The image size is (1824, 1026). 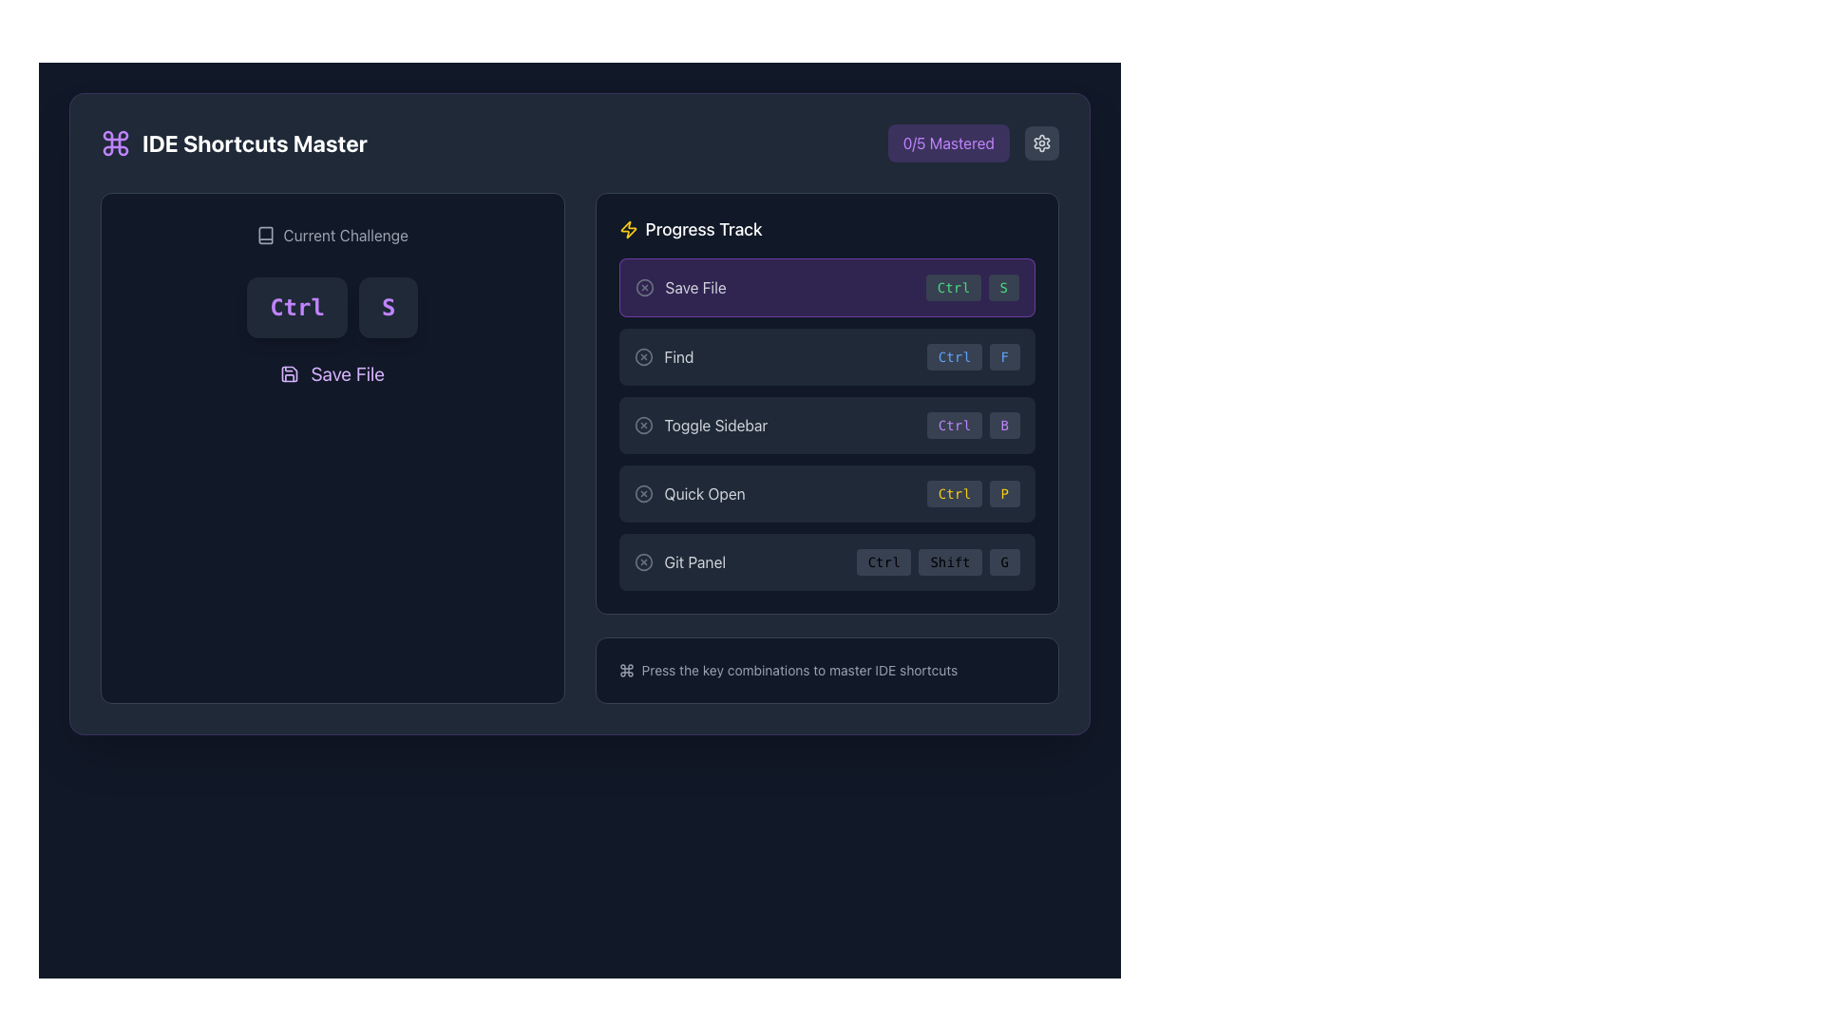 I want to click on the 'Toggle Sidebar' text label, which is gray and part of the 'Progress Track' section, positioned third in the vertical list, so click(x=714, y=424).